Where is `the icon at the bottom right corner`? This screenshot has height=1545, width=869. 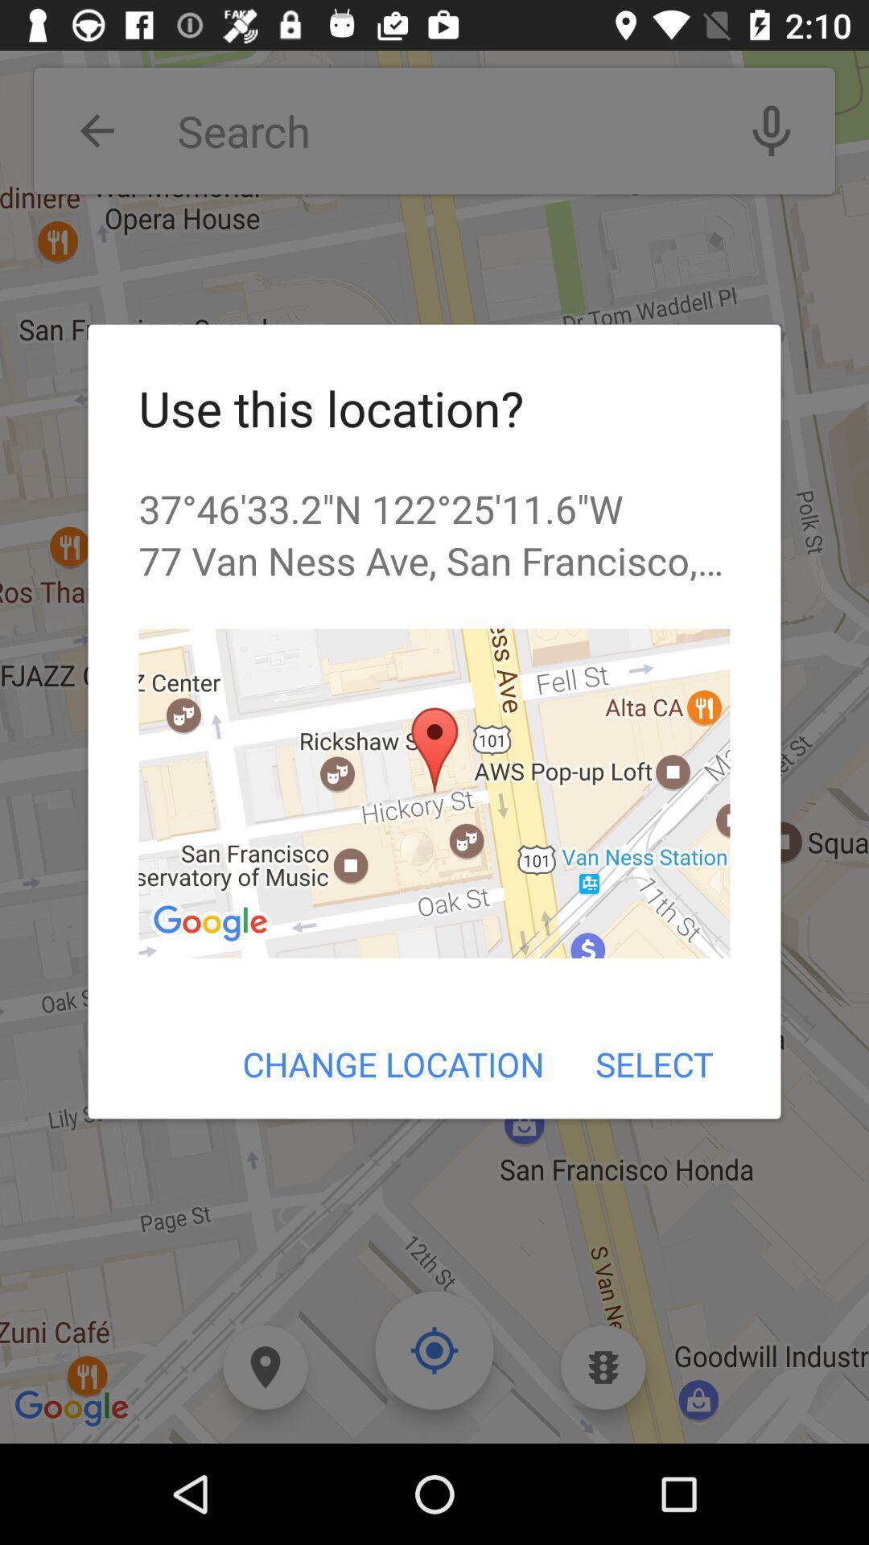 the icon at the bottom right corner is located at coordinates (654, 1064).